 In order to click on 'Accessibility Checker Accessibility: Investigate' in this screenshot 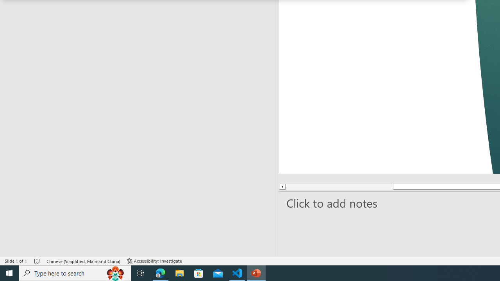, I will do `click(155, 261)`.